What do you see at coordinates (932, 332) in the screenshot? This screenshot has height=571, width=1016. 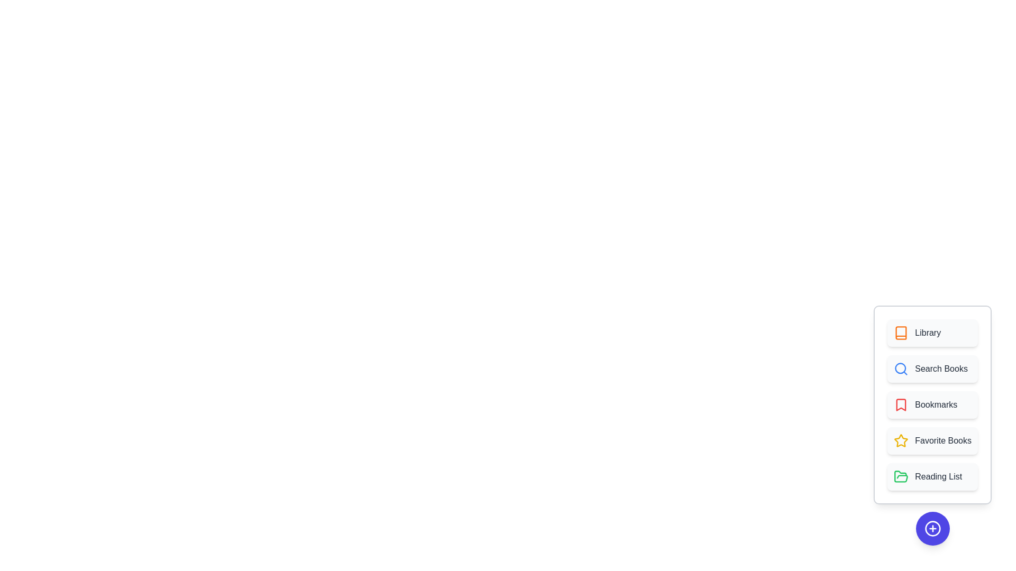 I see `the 'Library' button in the menu` at bounding box center [932, 332].